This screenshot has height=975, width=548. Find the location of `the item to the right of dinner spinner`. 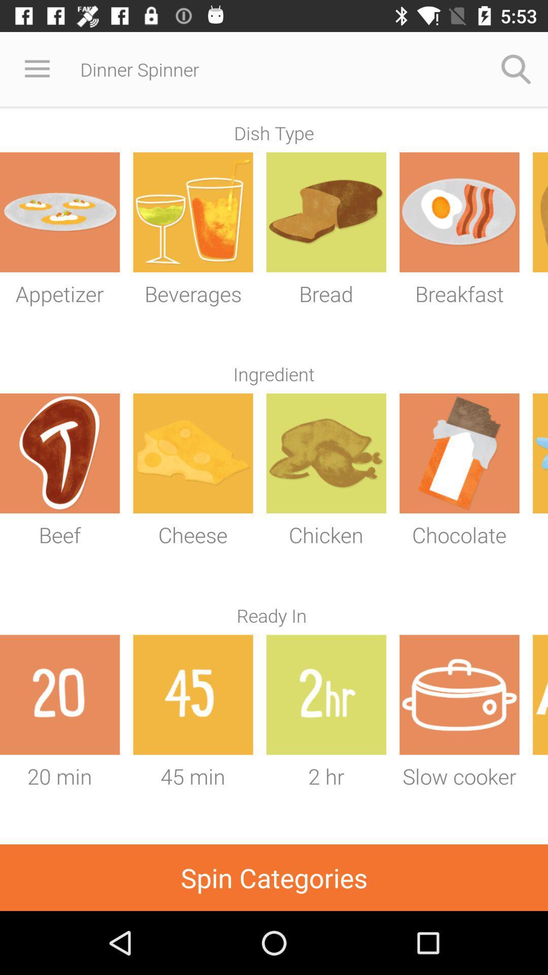

the item to the right of dinner spinner is located at coordinates (516, 69).